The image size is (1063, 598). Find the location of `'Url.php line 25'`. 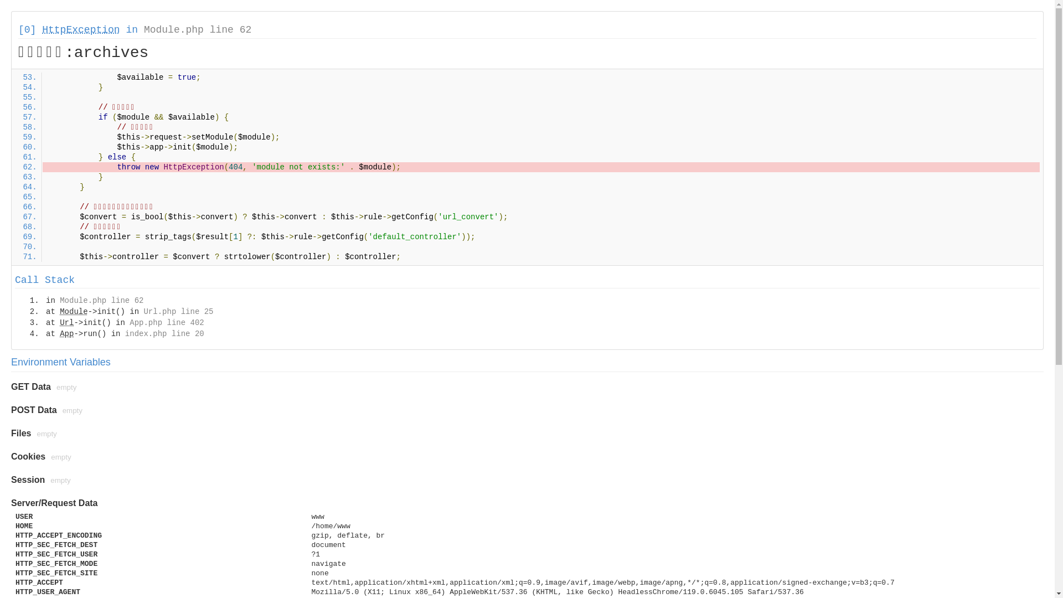

'Url.php line 25' is located at coordinates (178, 312).